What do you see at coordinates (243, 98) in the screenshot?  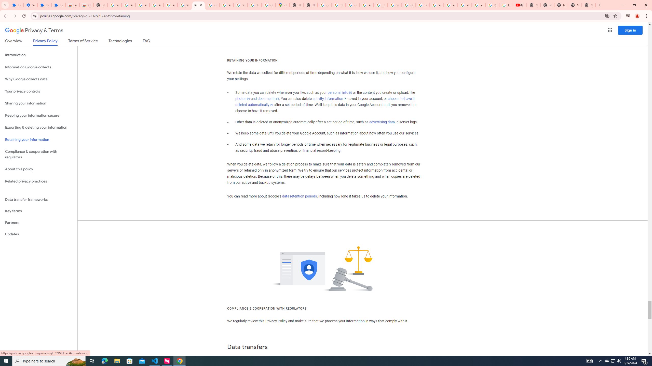 I see `'photos'` at bounding box center [243, 98].